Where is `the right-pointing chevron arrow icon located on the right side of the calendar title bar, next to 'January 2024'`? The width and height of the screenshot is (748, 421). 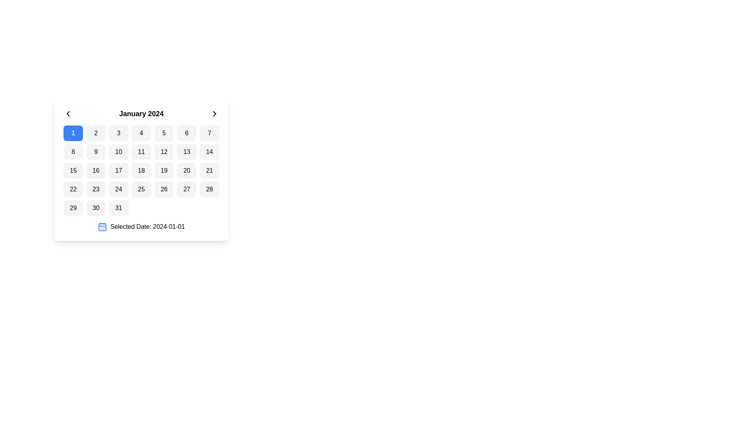
the right-pointing chevron arrow icon located on the right side of the calendar title bar, next to 'January 2024' is located at coordinates (215, 114).